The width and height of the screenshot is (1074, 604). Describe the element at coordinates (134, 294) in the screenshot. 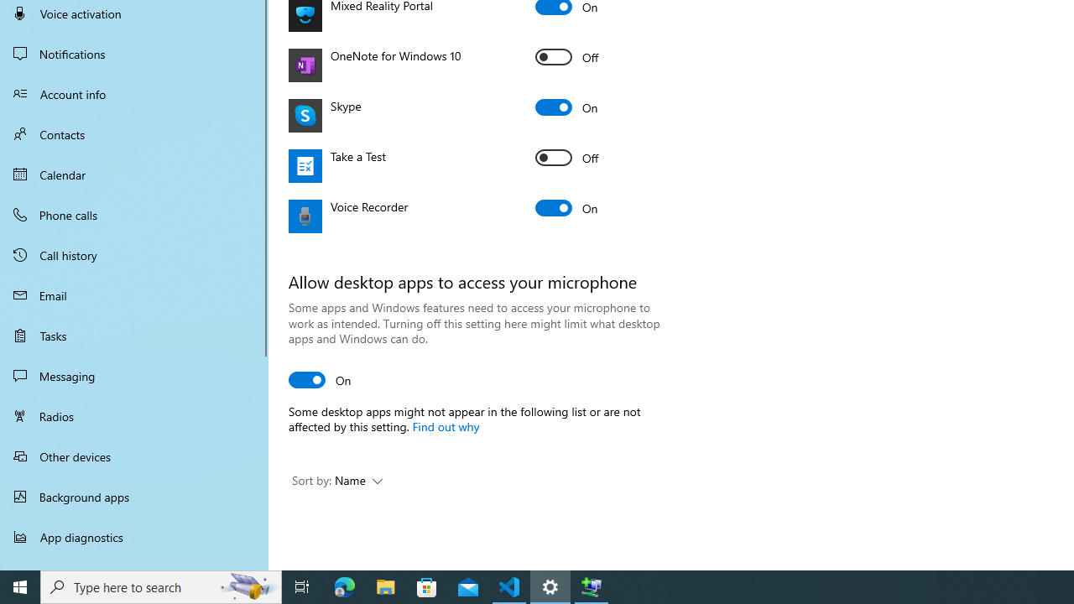

I see `'Email'` at that location.